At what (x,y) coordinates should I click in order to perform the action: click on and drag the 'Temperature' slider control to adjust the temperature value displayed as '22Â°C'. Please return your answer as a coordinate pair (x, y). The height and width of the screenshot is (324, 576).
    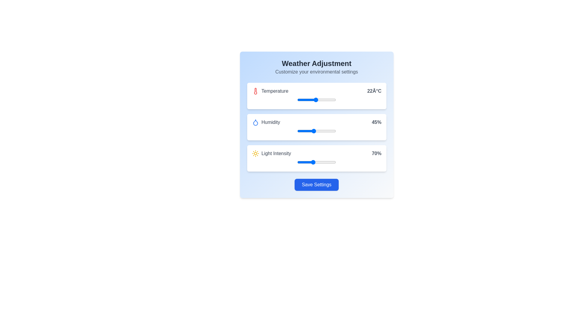
    Looking at the image, I should click on (316, 96).